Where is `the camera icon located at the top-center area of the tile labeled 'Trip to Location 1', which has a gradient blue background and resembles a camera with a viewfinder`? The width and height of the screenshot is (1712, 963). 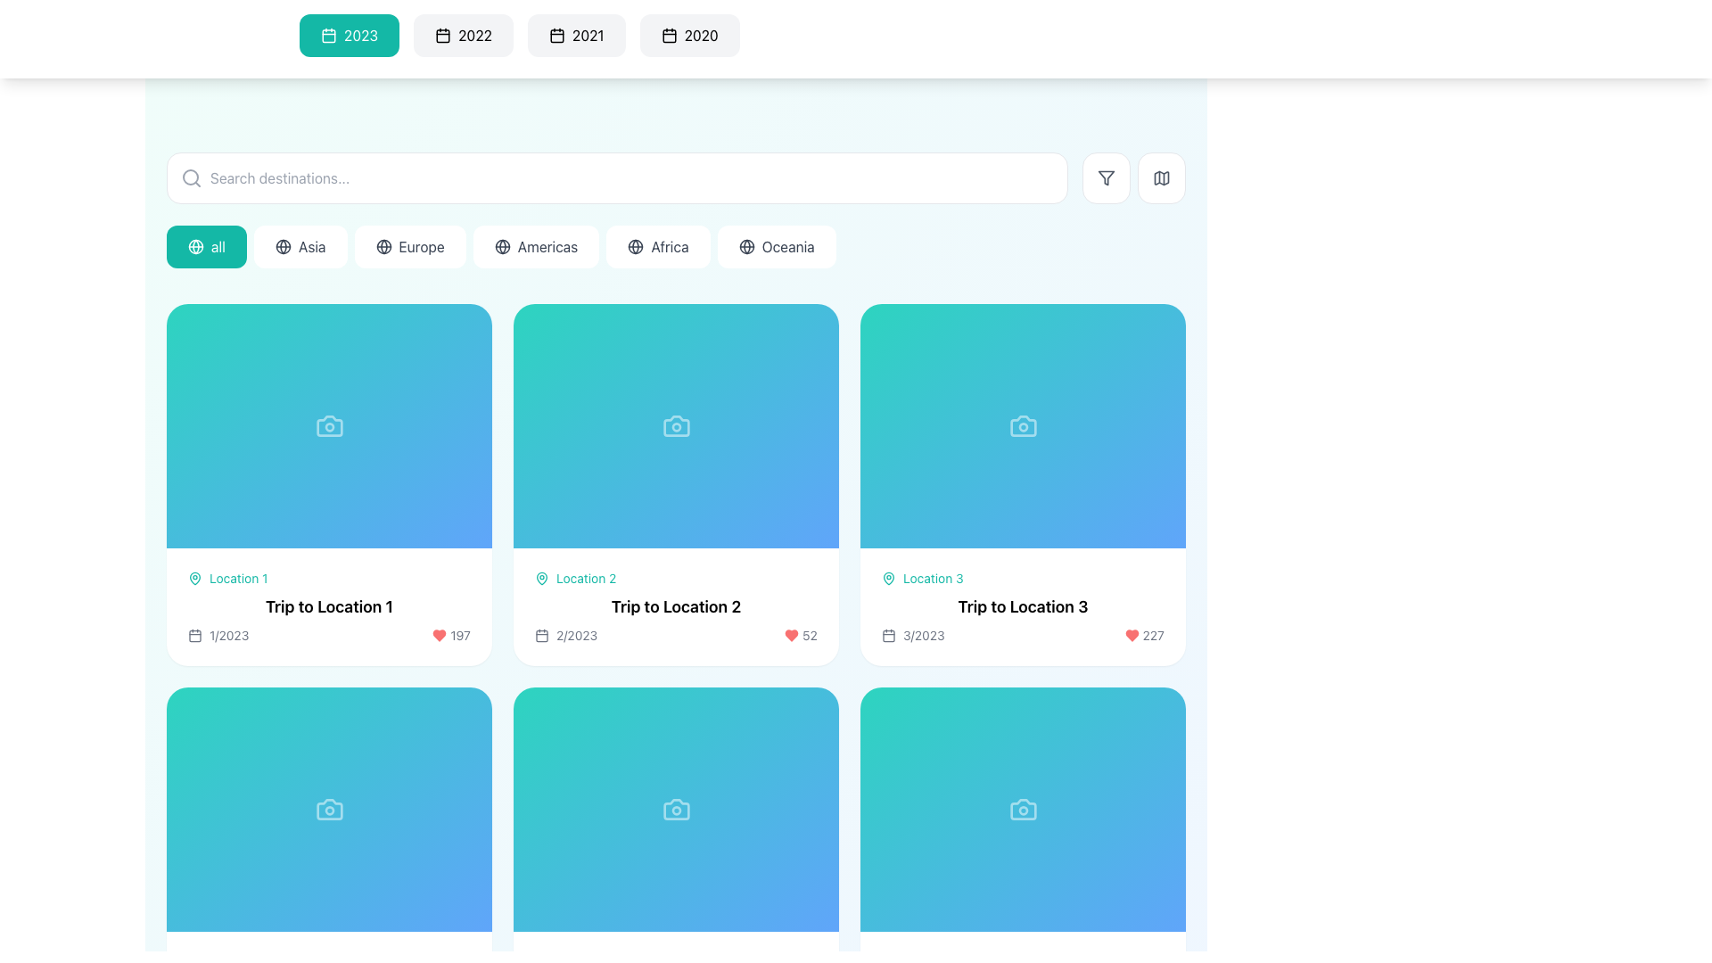
the camera icon located at the top-center area of the tile labeled 'Trip to Location 1', which has a gradient blue background and resembles a camera with a viewfinder is located at coordinates (329, 425).